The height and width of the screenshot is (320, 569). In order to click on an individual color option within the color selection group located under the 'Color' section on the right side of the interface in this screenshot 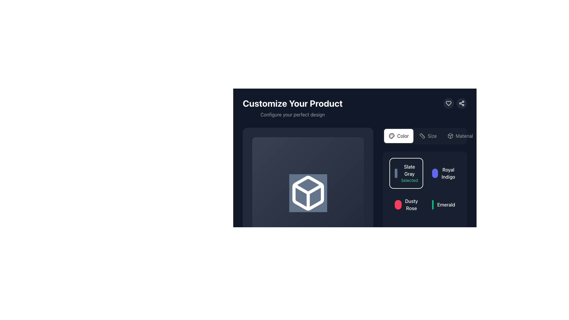, I will do `click(425, 201)`.